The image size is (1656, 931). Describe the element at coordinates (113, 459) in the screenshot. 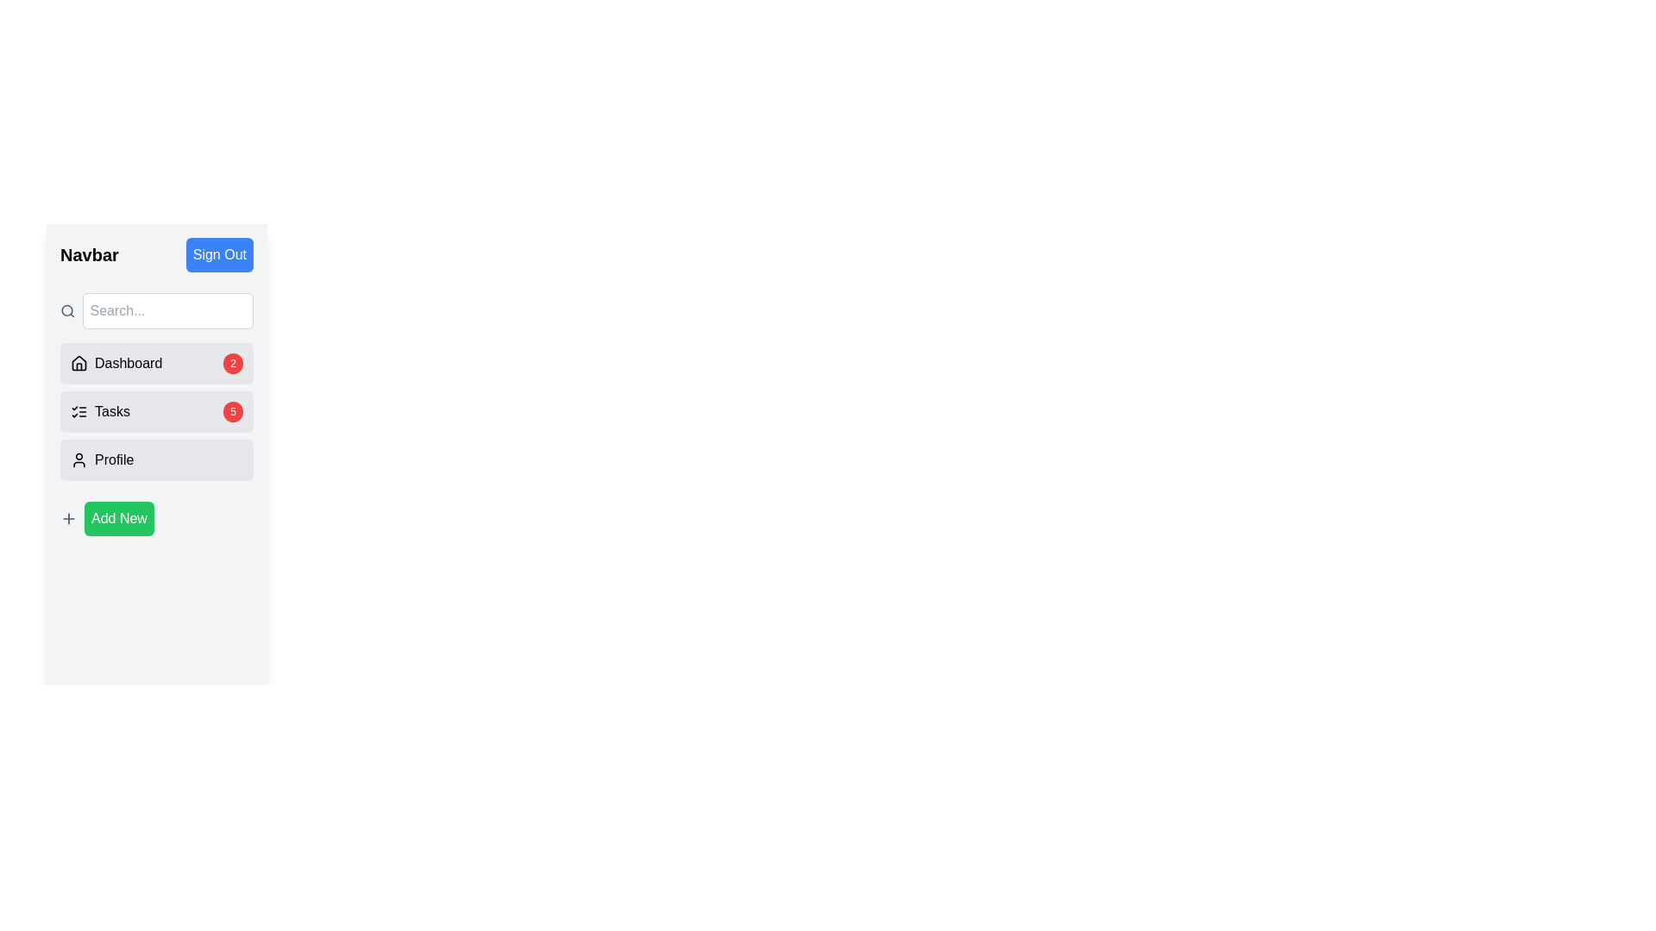

I see `text 'Profile' located in the lower segment of the vertical navigation menu, next to the user icon` at that location.